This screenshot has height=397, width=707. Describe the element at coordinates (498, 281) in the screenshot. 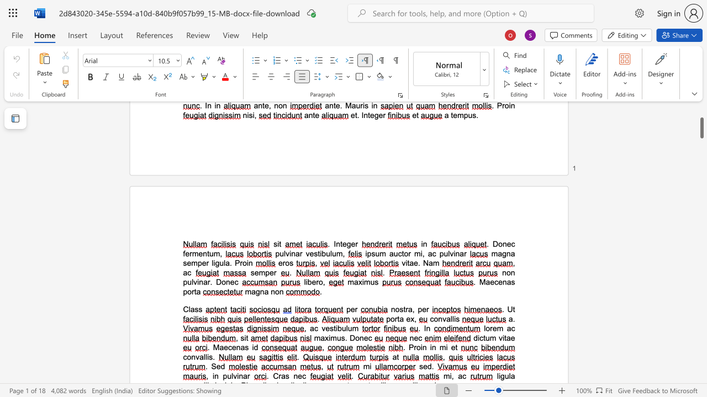

I see `the space between the continuous character "c" and "e" in the text` at that location.